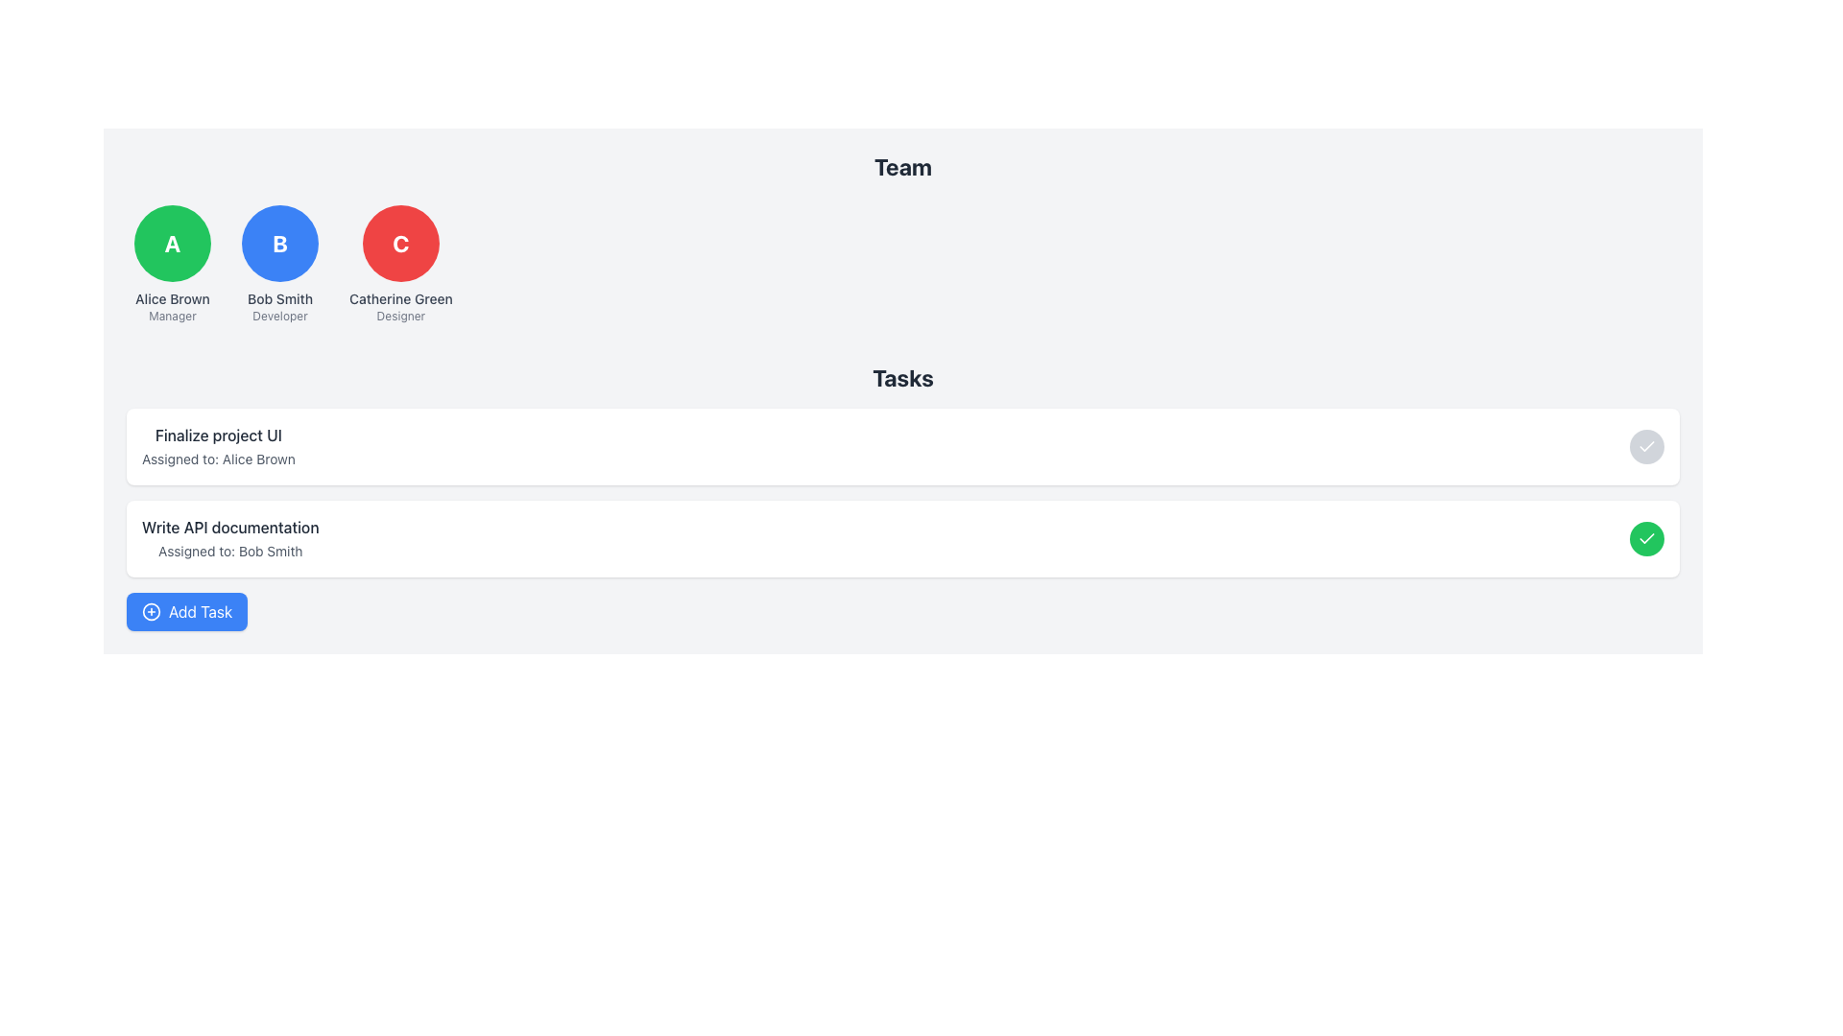  What do you see at coordinates (173, 299) in the screenshot?
I see `the text label element displaying the name 'Alice Brown', which is styled in gray color and positioned below the green circular icon with 'A'` at bounding box center [173, 299].